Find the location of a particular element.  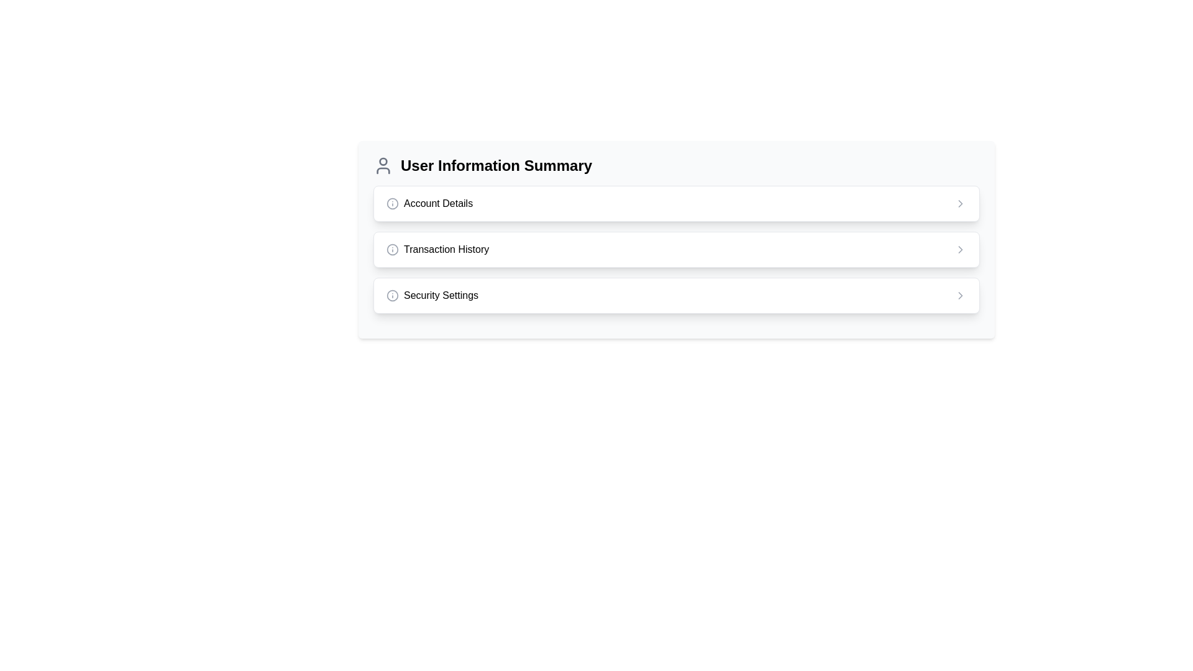

the icon related to the 'Account Details' menu option, which is located next to the 'Account Details' list item in the user information summary table is located at coordinates (392, 203).